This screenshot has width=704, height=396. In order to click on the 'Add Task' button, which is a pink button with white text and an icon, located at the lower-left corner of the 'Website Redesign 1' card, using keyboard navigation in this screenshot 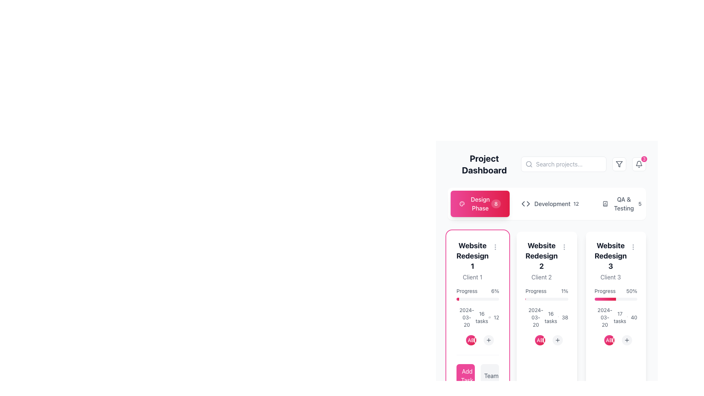, I will do `click(465, 376)`.